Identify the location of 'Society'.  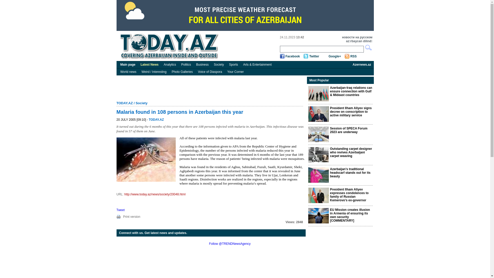
(142, 103).